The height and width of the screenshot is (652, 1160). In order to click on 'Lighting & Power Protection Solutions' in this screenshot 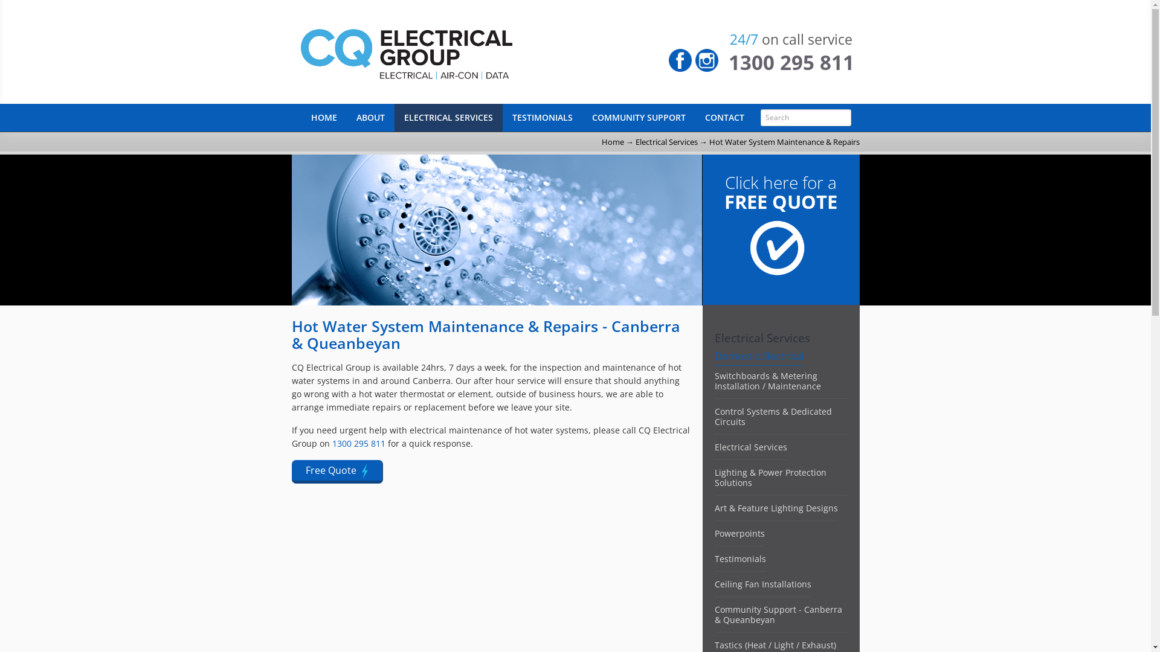, I will do `click(714, 476)`.